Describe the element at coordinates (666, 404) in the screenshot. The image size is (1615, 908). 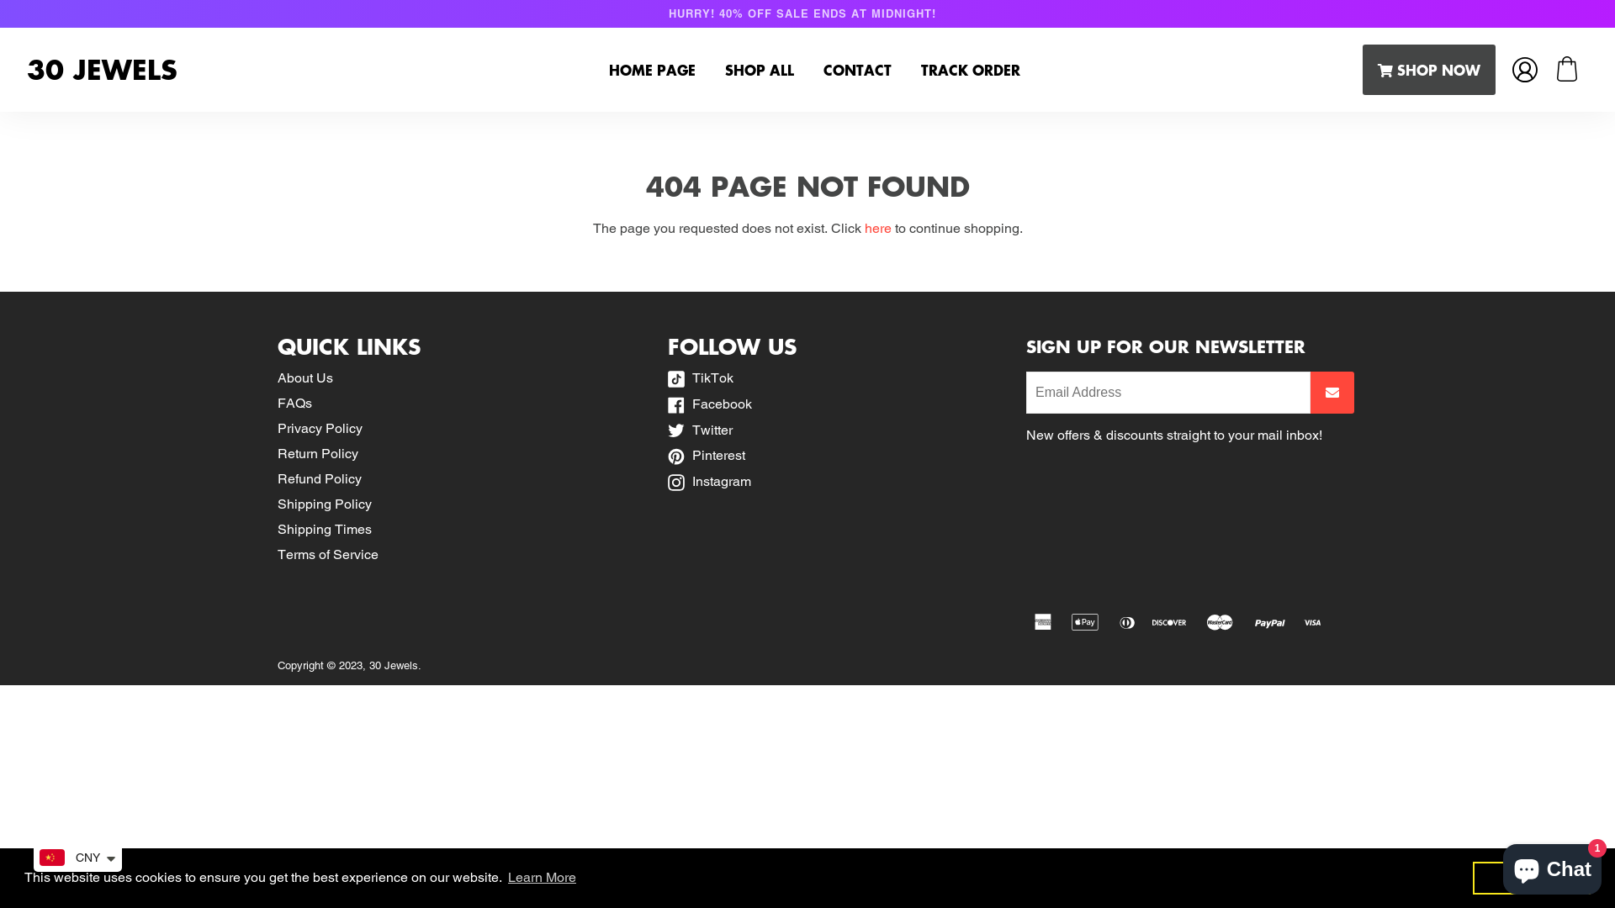
I see `'Facebook'` at that location.